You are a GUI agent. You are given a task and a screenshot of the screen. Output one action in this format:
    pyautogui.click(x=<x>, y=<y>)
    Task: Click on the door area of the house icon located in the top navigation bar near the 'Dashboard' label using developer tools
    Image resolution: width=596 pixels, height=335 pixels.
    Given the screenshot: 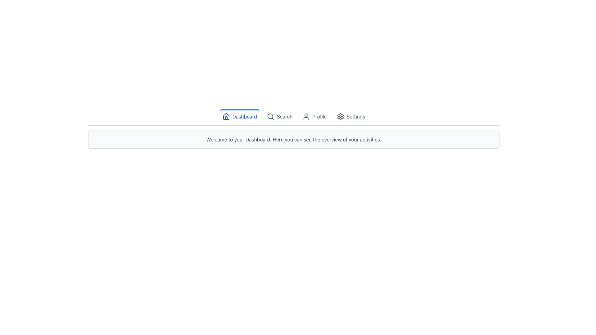 What is the action you would take?
    pyautogui.click(x=226, y=118)
    